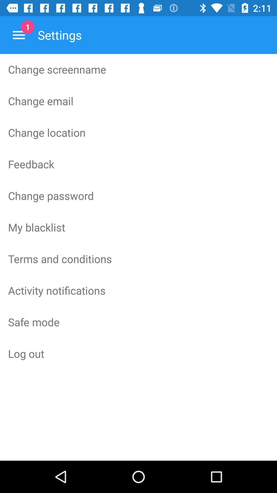  What do you see at coordinates (138, 101) in the screenshot?
I see `the icon above the change location icon` at bounding box center [138, 101].